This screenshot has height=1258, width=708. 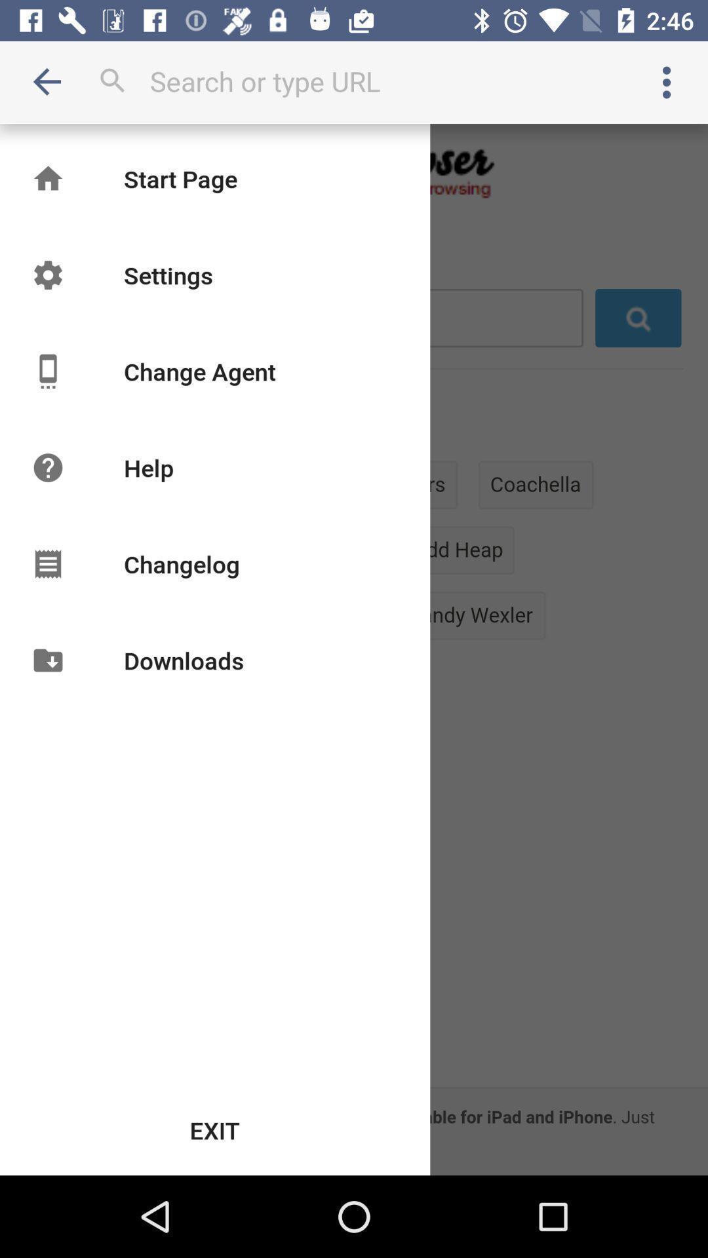 I want to click on item below the changelog, so click(x=184, y=660).